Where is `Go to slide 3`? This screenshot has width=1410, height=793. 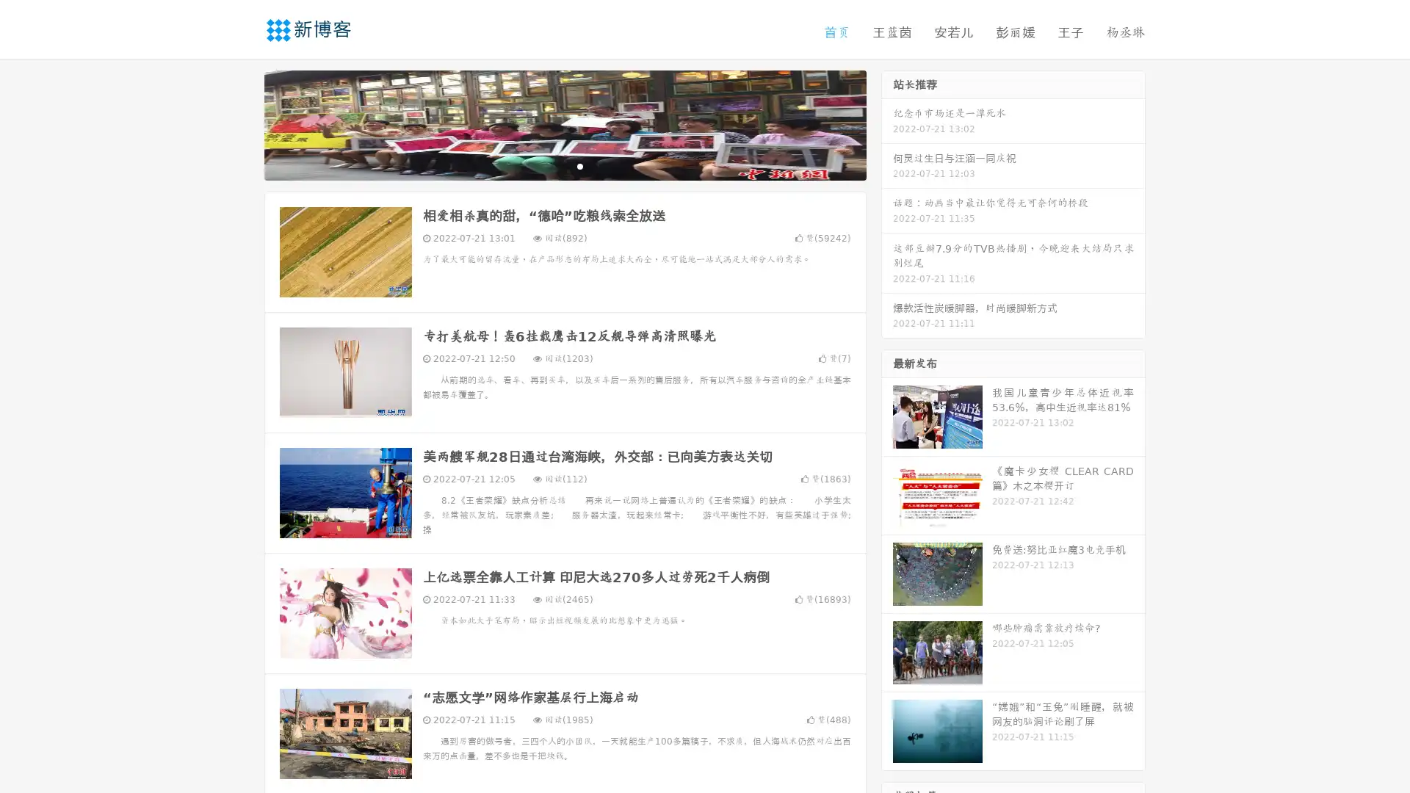
Go to slide 3 is located at coordinates (579, 165).